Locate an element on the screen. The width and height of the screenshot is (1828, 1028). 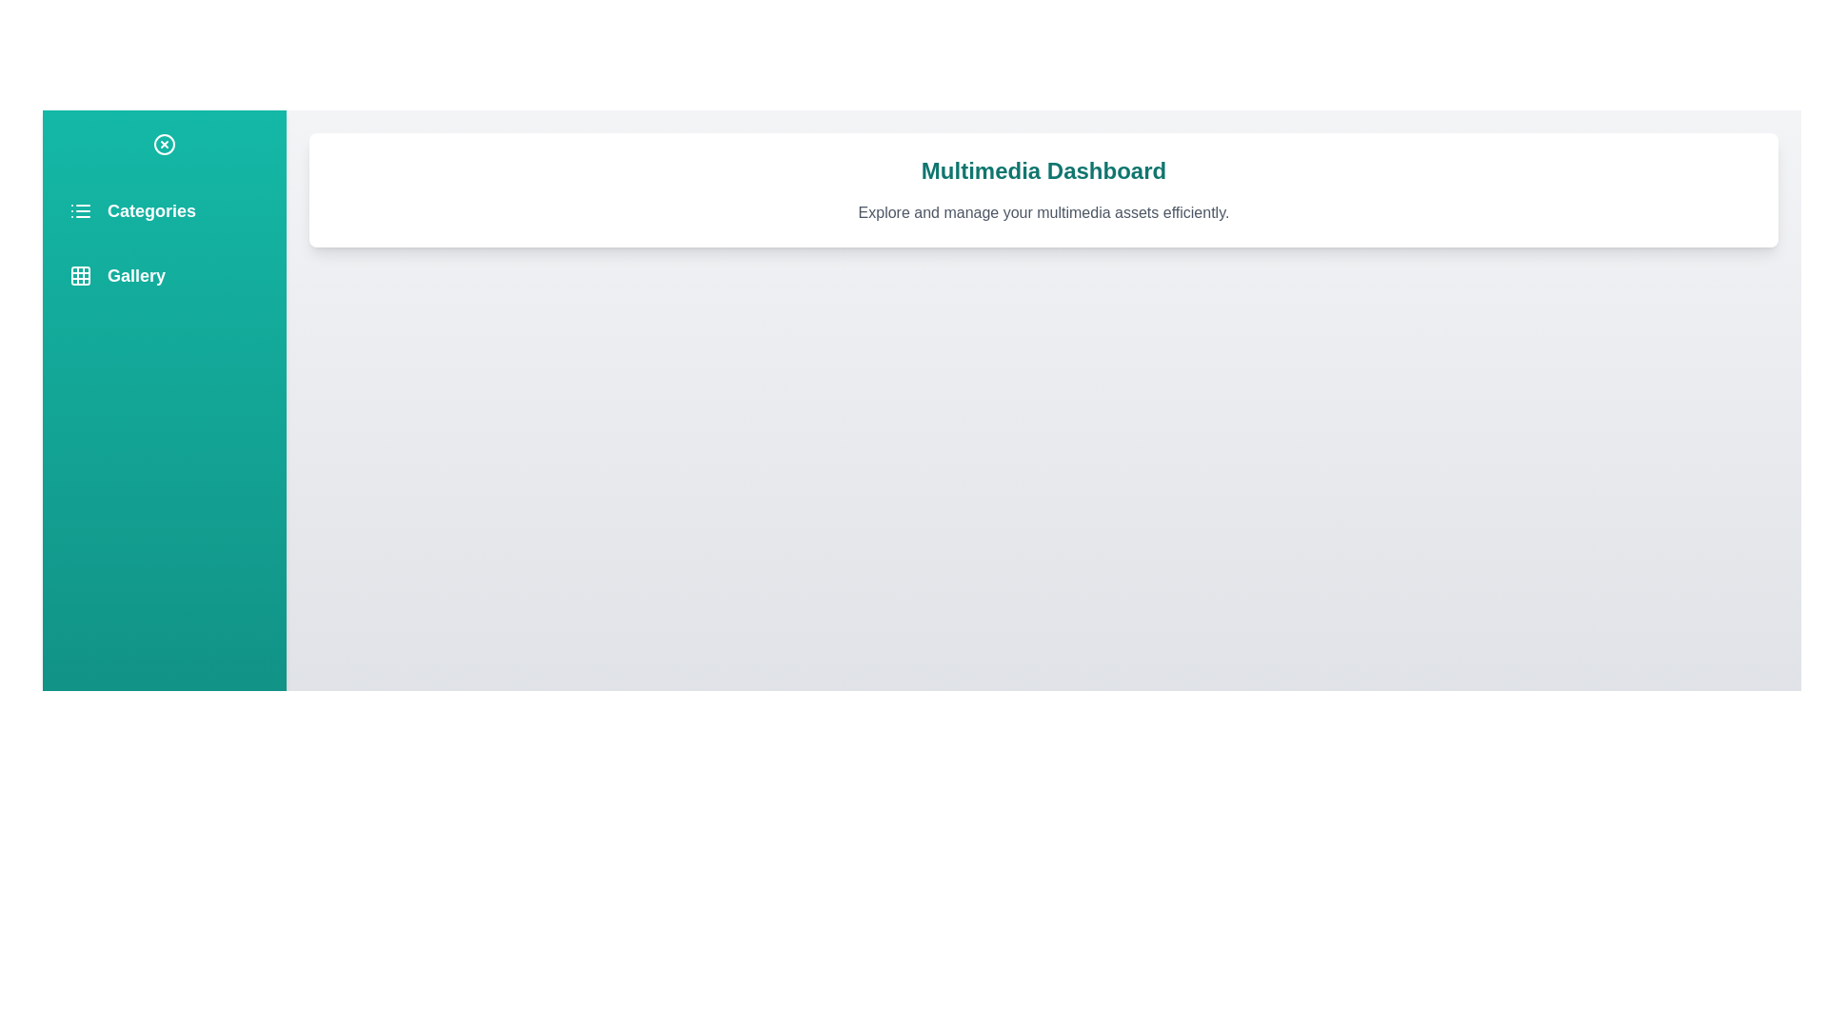
the menu item Gallery from the sidebar is located at coordinates (164, 275).